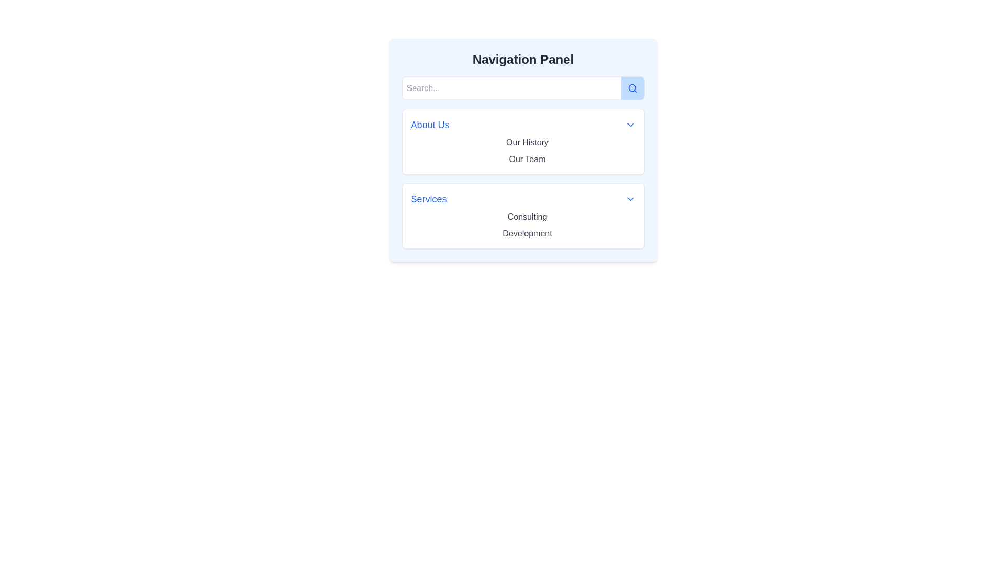  Describe the element at coordinates (527, 159) in the screenshot. I see `the 'Our Team' hyperlink located below the 'Our History' link in the 'About Us' section to change its color` at that location.